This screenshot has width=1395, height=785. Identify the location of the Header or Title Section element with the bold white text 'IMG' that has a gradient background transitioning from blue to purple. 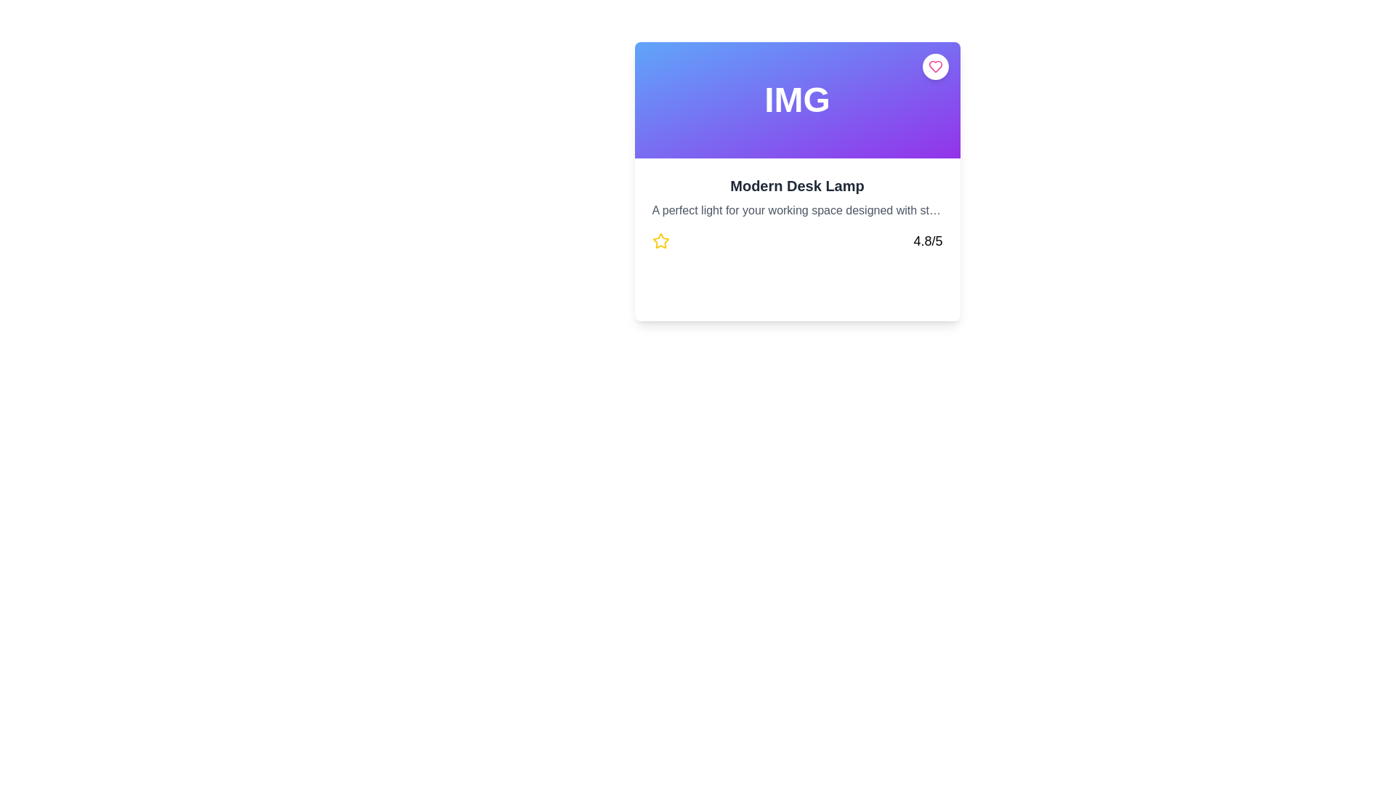
(796, 100).